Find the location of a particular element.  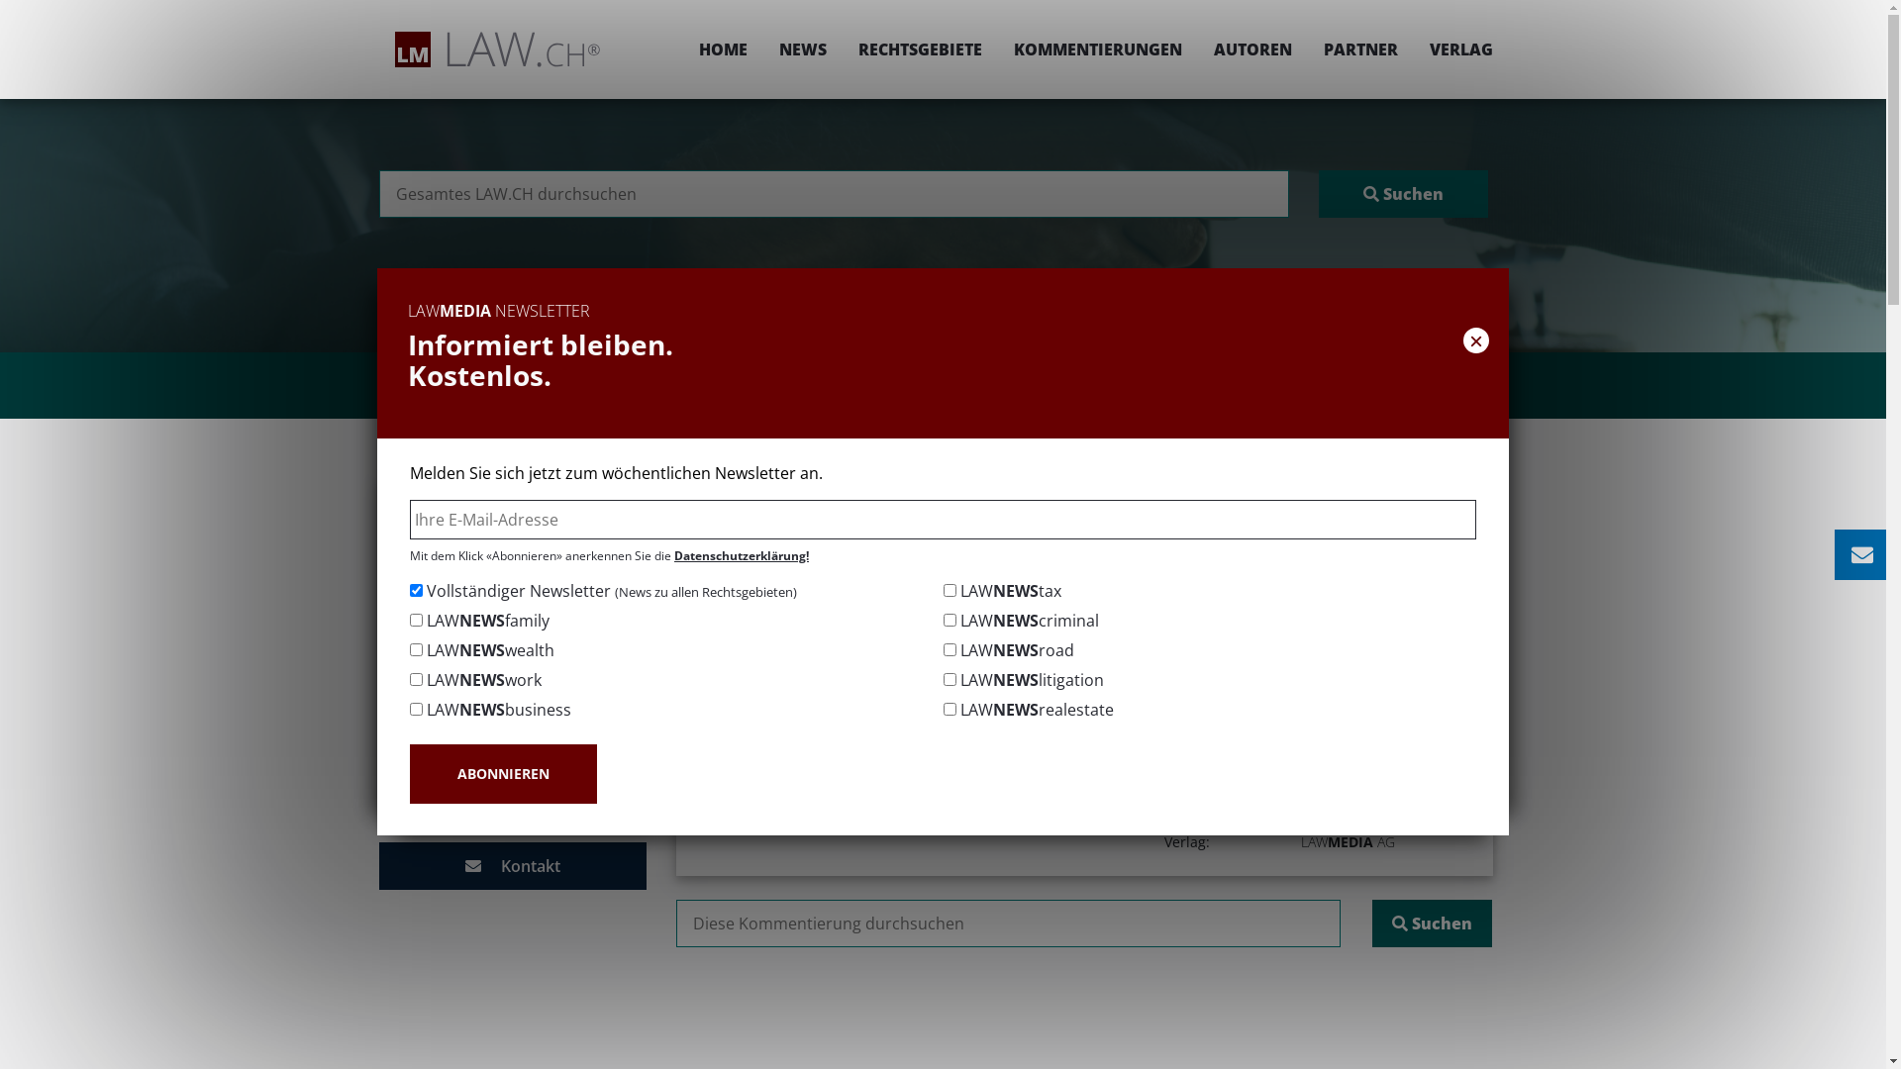

'AUTOREN' is located at coordinates (1251, 49).